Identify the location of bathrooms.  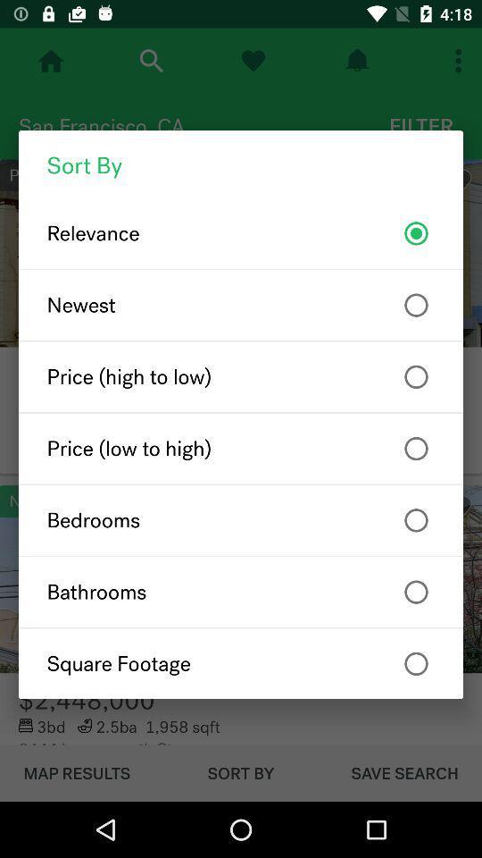
(241, 592).